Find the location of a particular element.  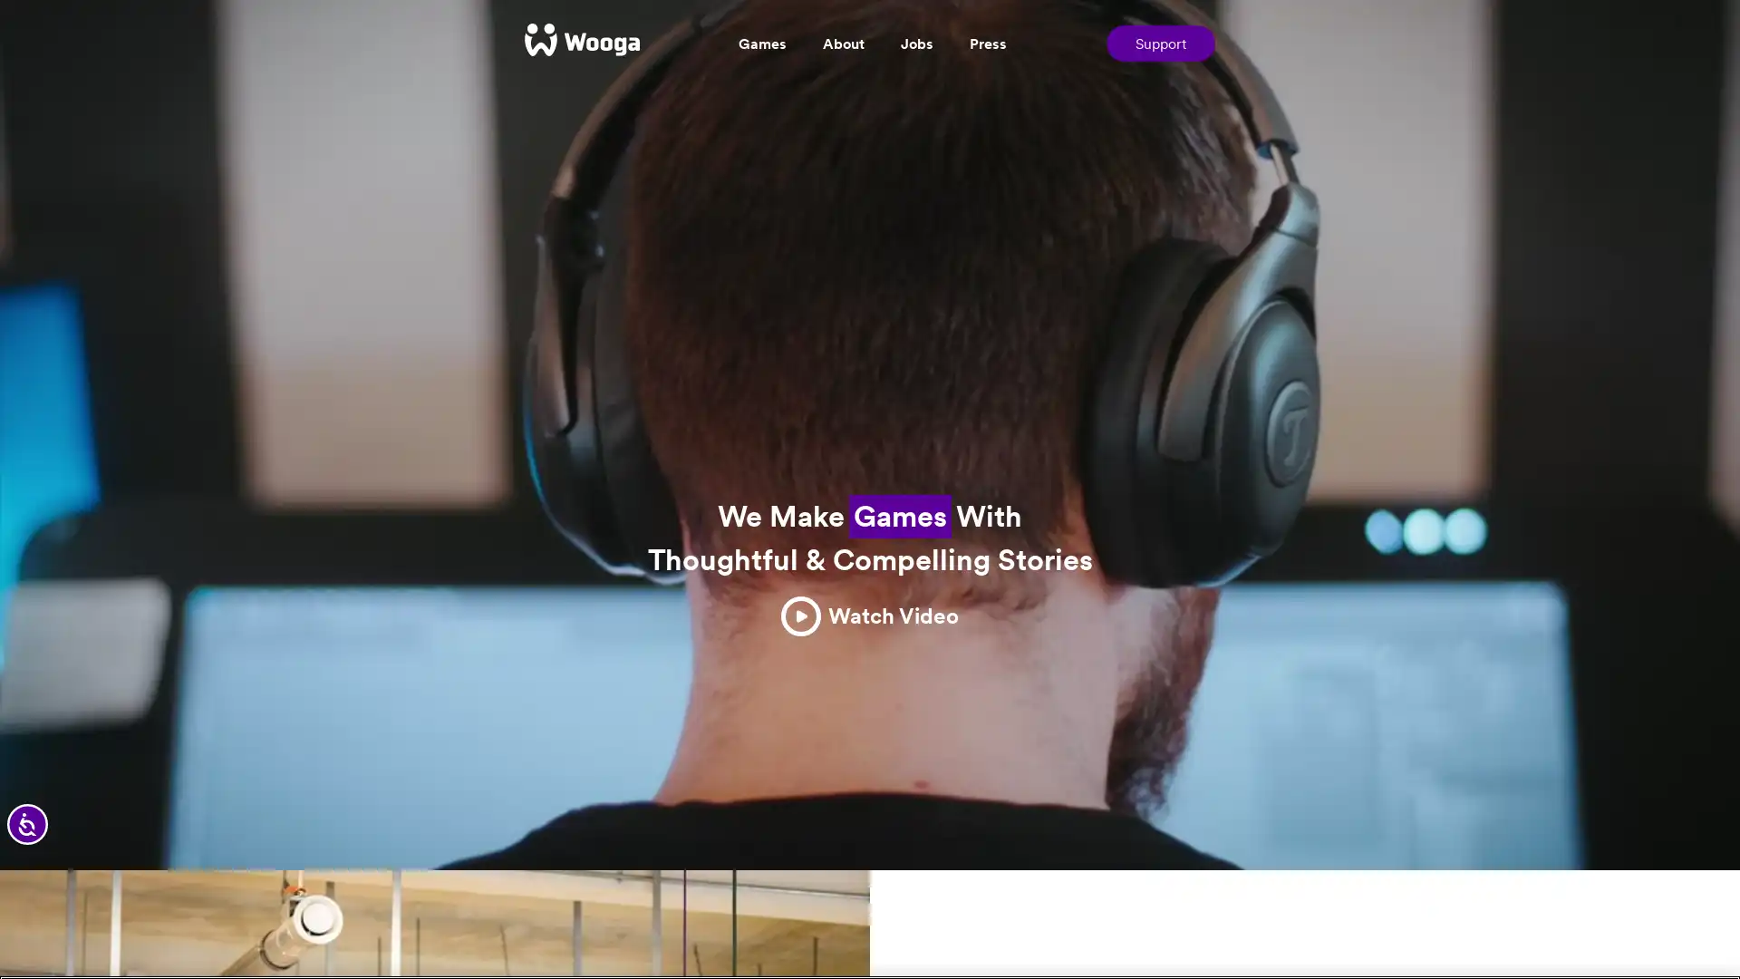

Close is located at coordinates (1709, 930).